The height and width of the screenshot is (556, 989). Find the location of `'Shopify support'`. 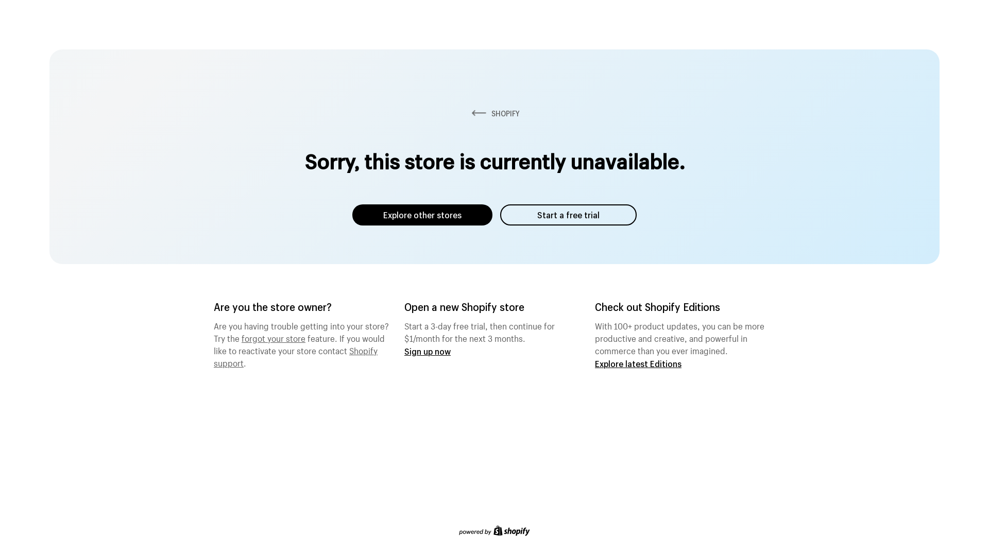

'Shopify support' is located at coordinates (295, 355).